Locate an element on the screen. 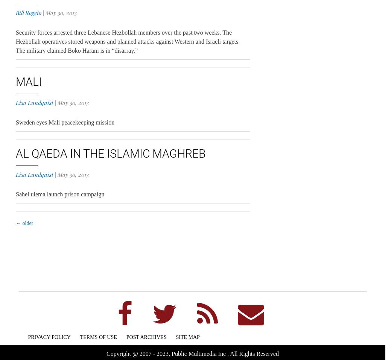 Image resolution: width=391 pixels, height=360 pixels. 'older' is located at coordinates (27, 223).